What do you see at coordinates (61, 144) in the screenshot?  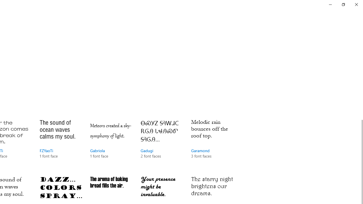 I see `'FZYaoTi, 1 font face'` at bounding box center [61, 144].